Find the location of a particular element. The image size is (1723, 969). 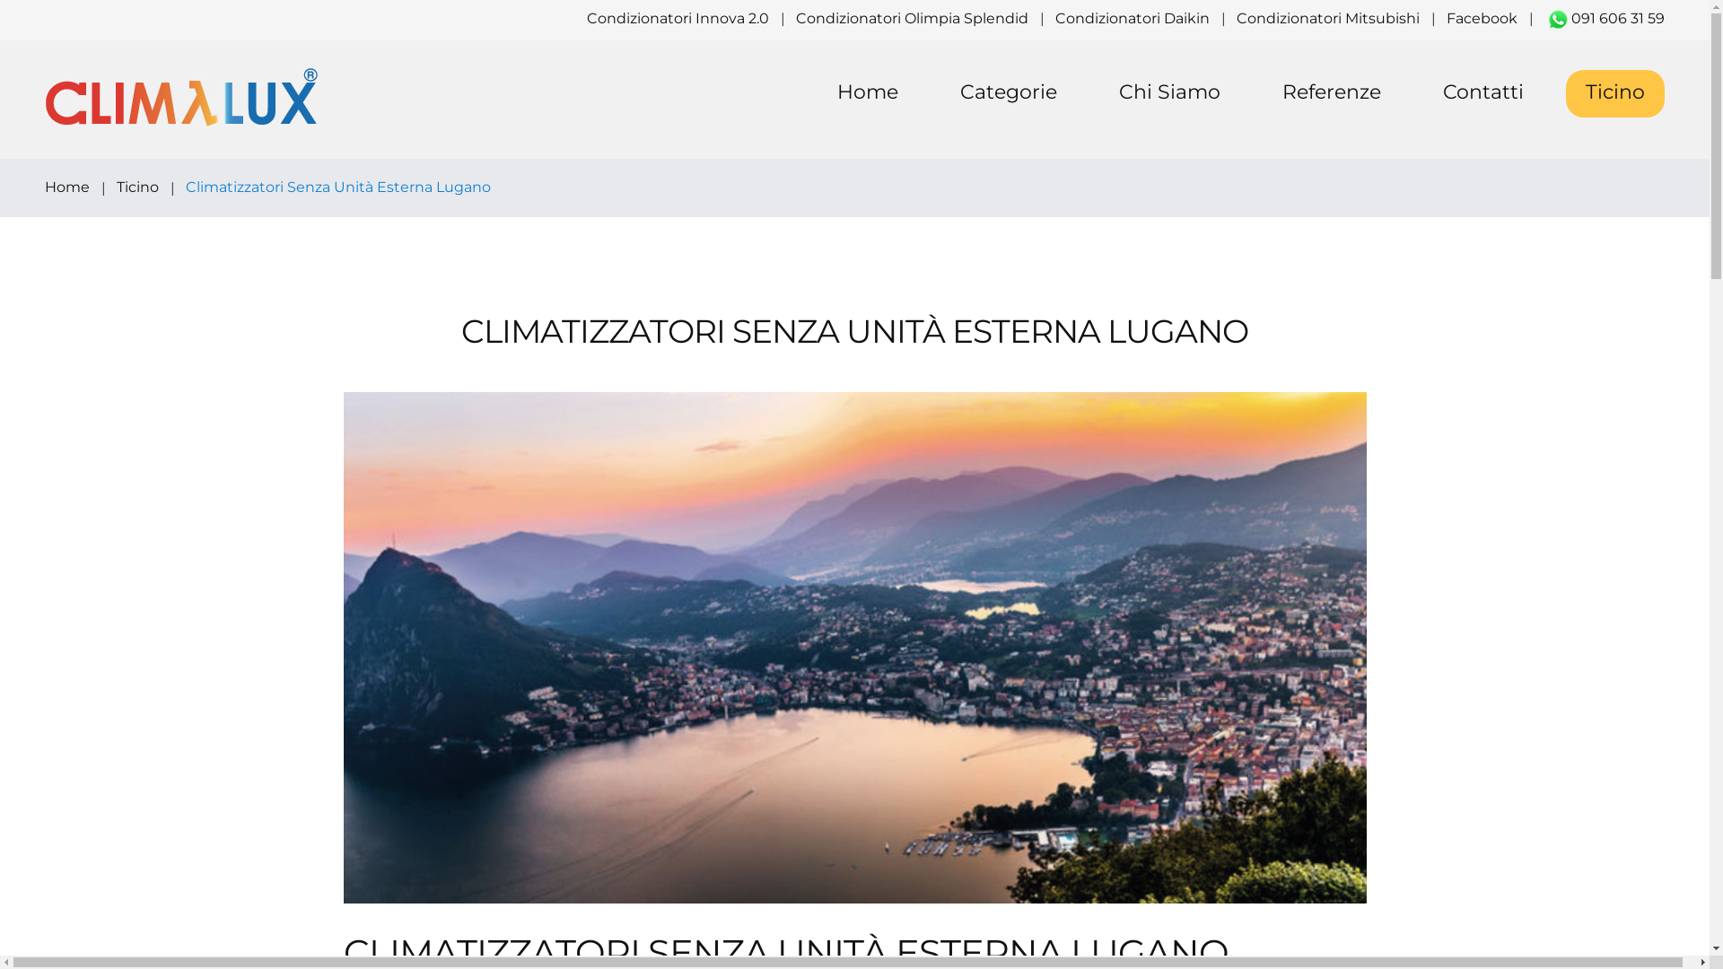

'Facebook' is located at coordinates (1482, 18).